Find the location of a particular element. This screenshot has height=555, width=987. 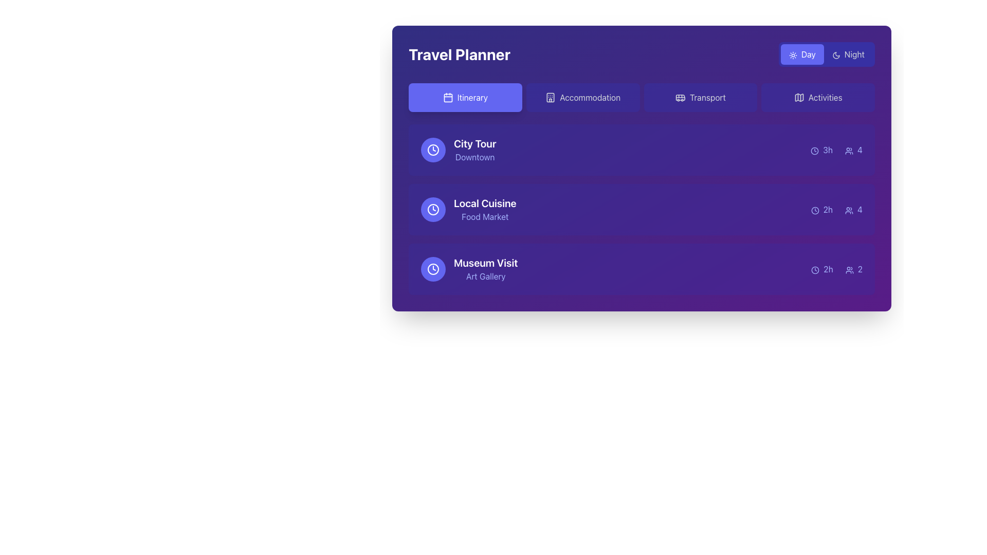

the time-related icon associated with the 'Museum Visit' entry in the travel planner interface, located to the left of the text 'Museum Visit' is located at coordinates (433, 269).